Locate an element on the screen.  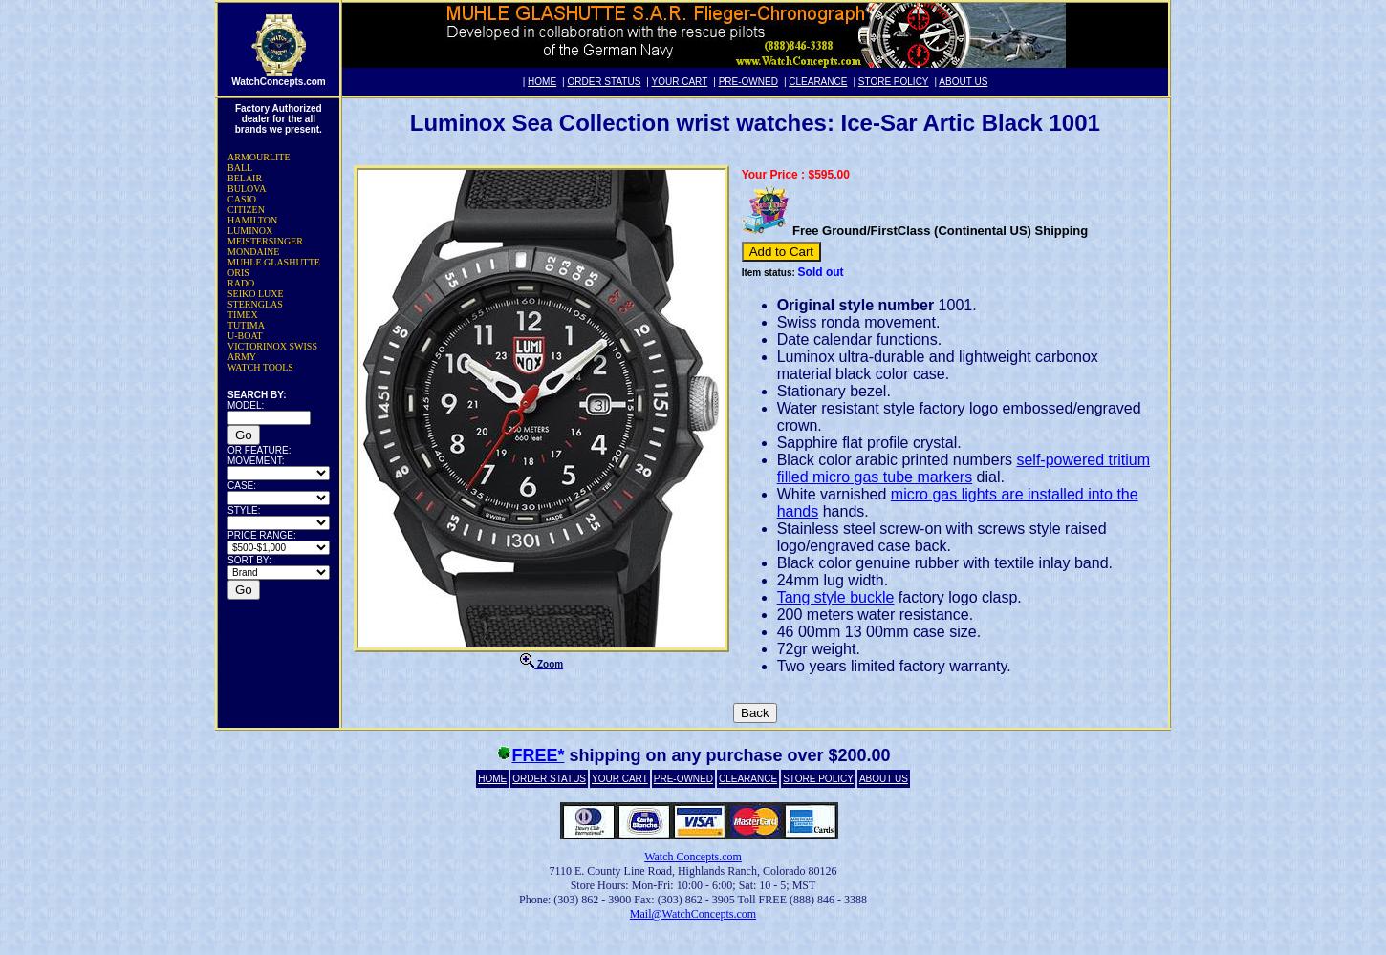
'BELAIR' is located at coordinates (245, 178).